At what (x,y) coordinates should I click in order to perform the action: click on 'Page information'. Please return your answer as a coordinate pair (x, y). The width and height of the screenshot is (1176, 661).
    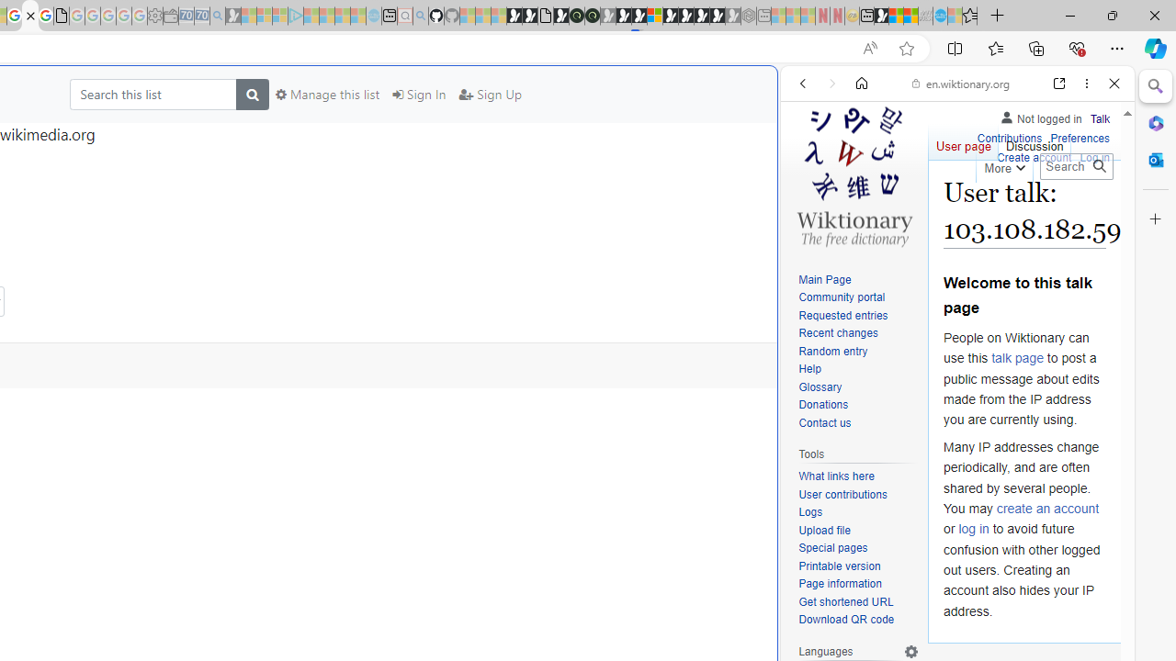
    Looking at the image, I should click on (858, 585).